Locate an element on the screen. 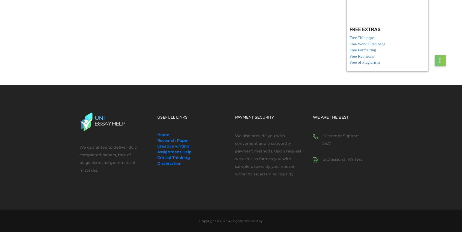 The height and width of the screenshot is (232, 462). 'Customer Support' is located at coordinates (341, 136).